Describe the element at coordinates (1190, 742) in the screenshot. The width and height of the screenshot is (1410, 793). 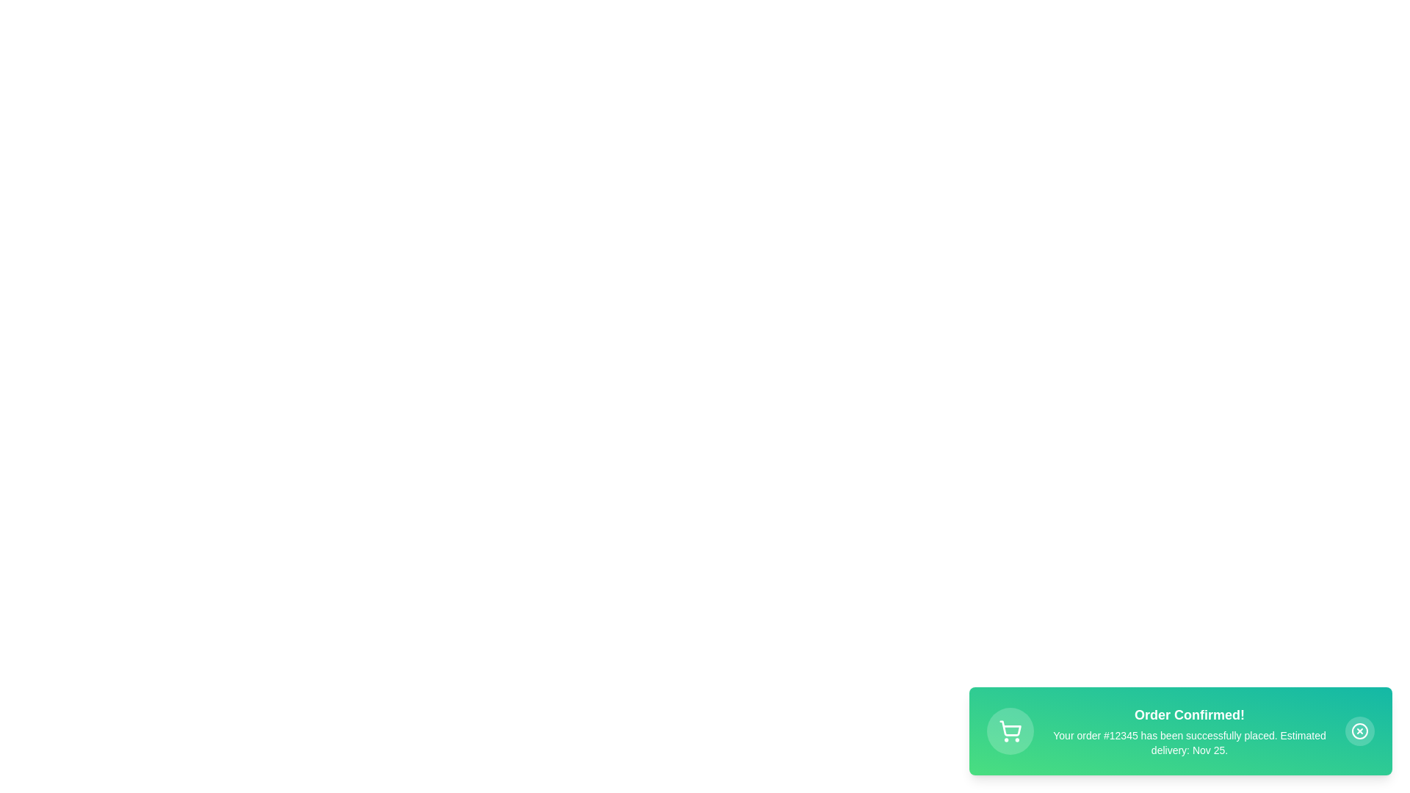
I see `text message displaying the order confirmation, which states: 'Your order #12345 has been successfully placed. Estimated delivery: Nov 25.' This text is located within the green notification card at the bottom-right corner of the interface, below the heading 'Order Confirmed!'` at that location.